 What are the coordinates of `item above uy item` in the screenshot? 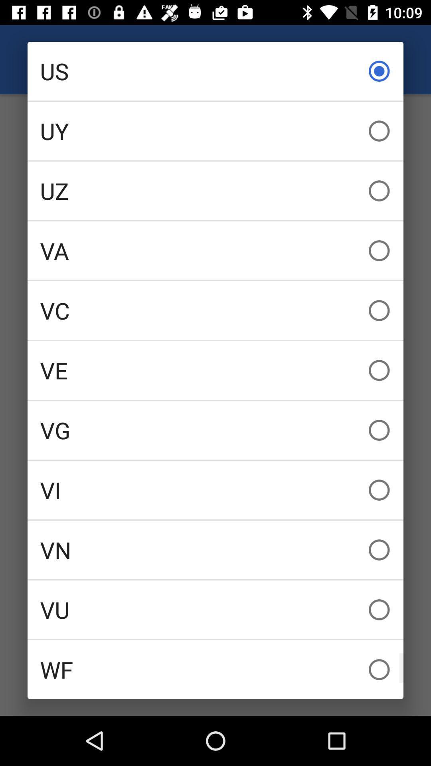 It's located at (215, 71).